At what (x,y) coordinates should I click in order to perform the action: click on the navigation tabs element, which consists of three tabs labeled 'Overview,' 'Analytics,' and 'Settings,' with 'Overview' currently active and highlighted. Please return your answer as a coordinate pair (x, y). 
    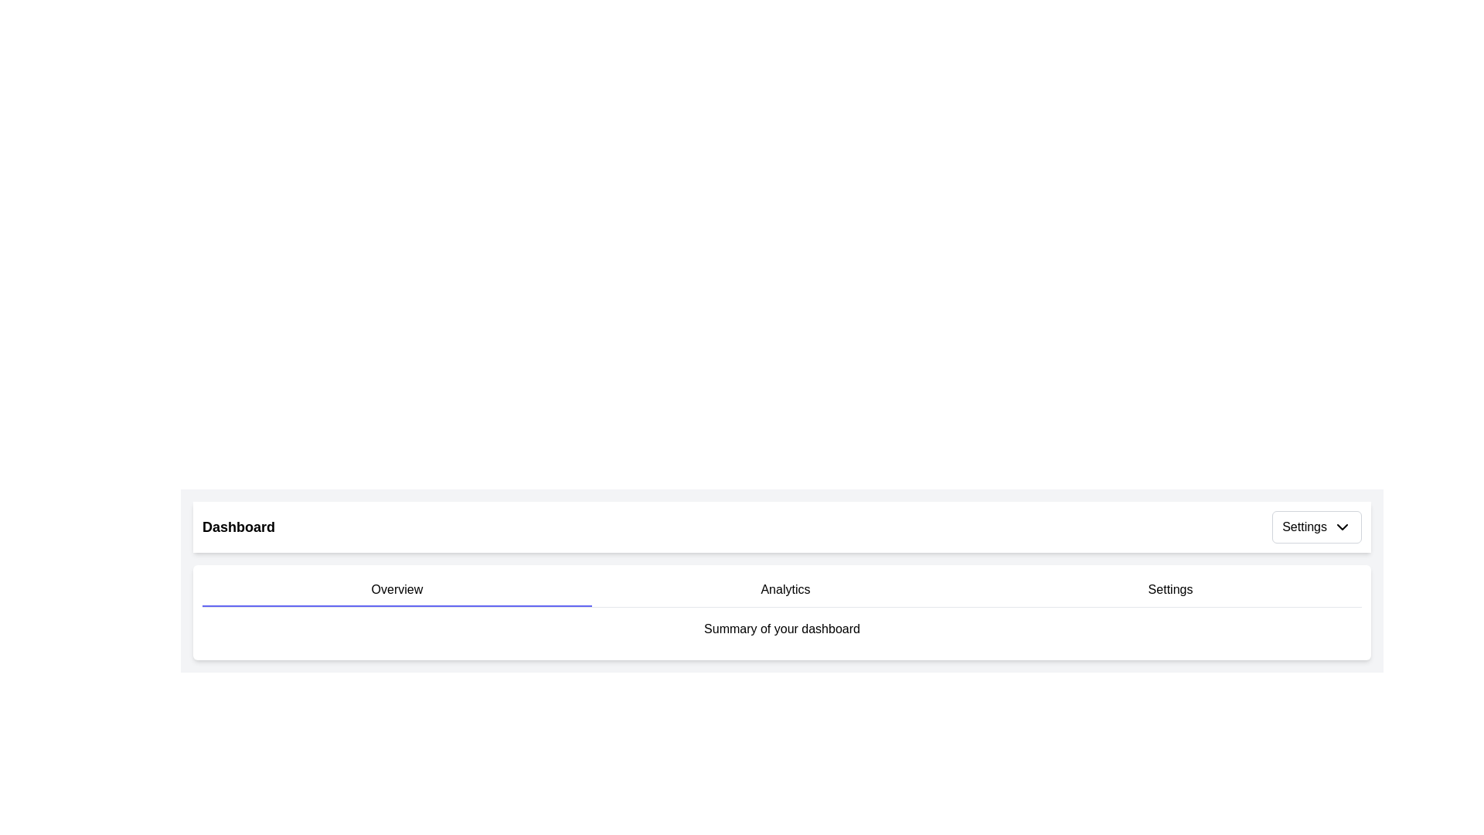
    Looking at the image, I should click on (782, 590).